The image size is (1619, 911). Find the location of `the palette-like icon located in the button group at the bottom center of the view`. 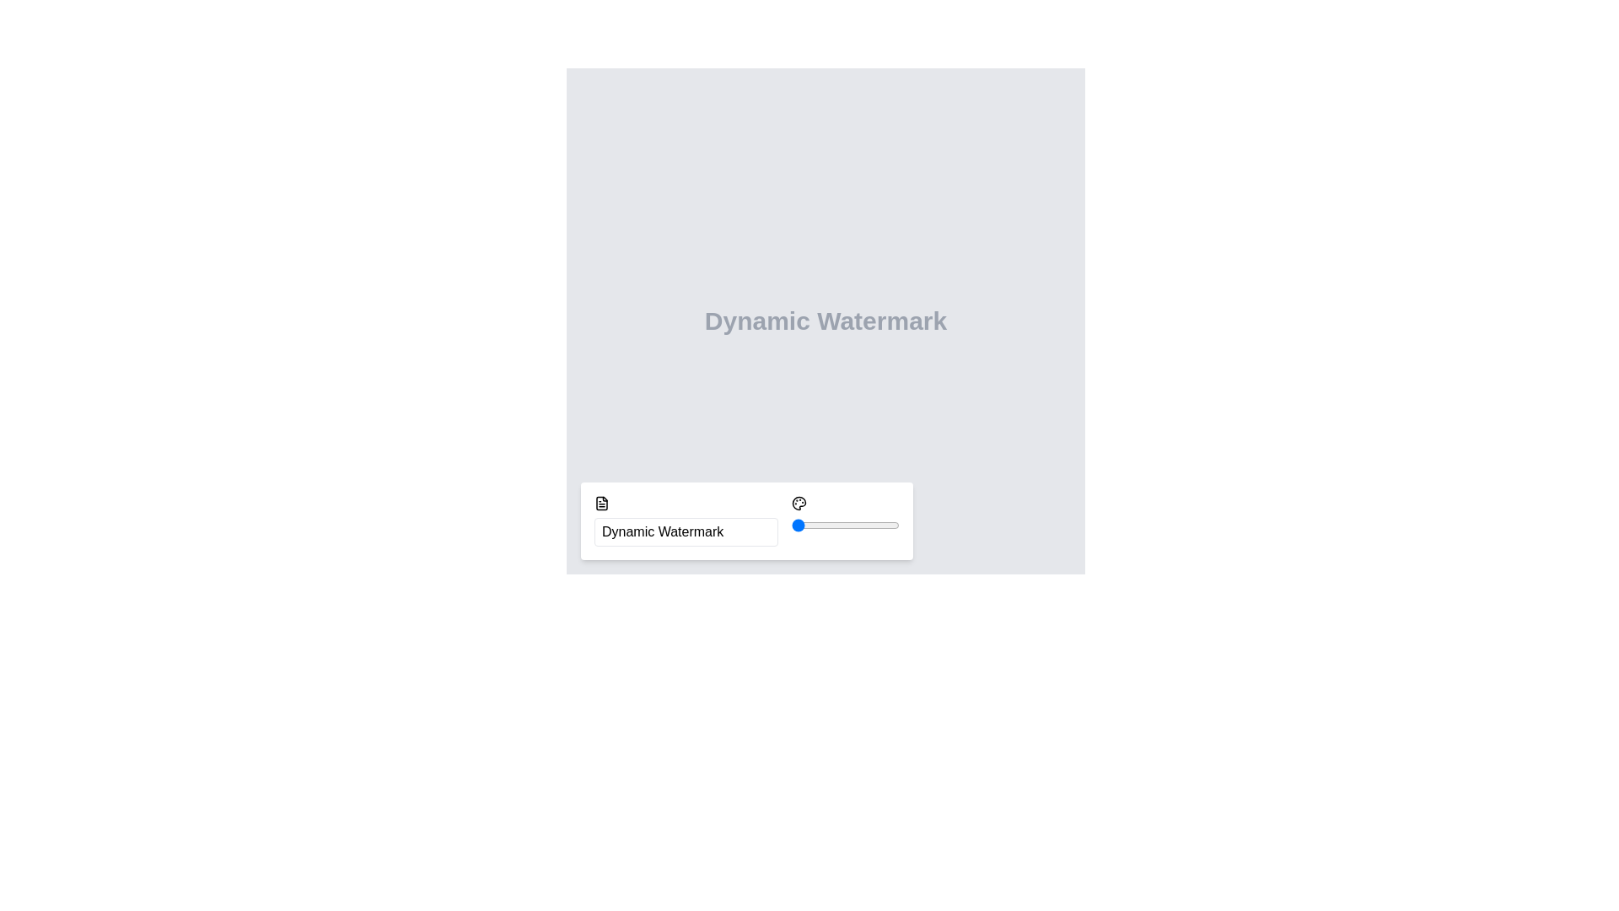

the palette-like icon located in the button group at the bottom center of the view is located at coordinates (799, 503).